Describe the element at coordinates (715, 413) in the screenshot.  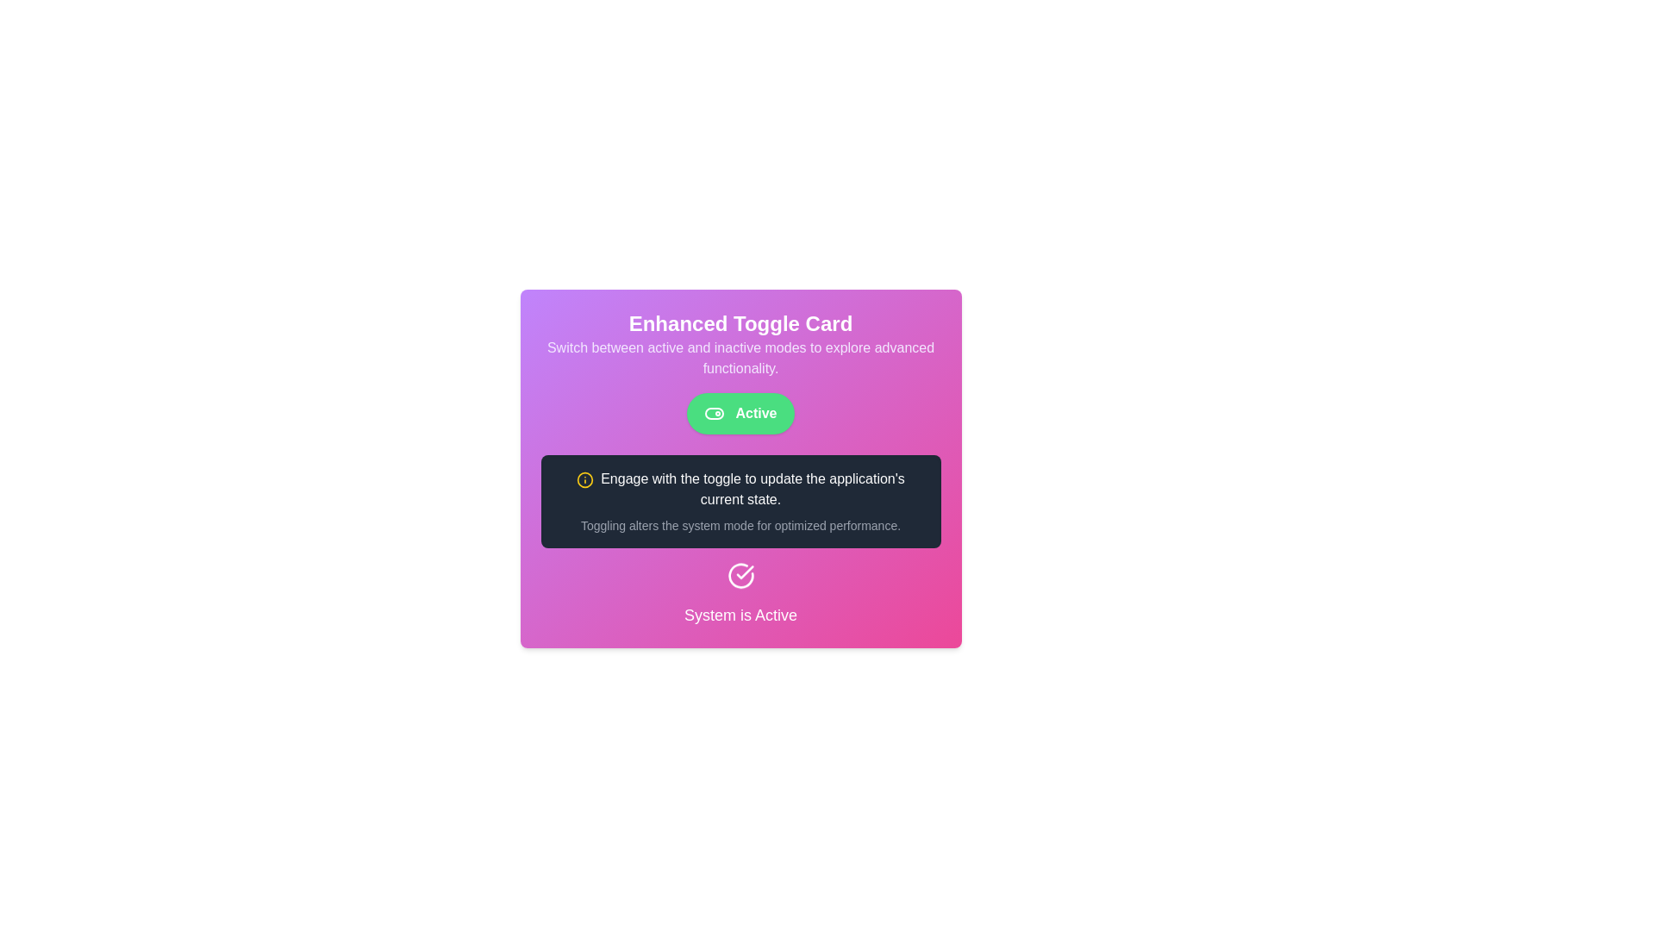
I see `the toggle state by checking the background of the toggle switch located at the center of the colored card interface` at that location.